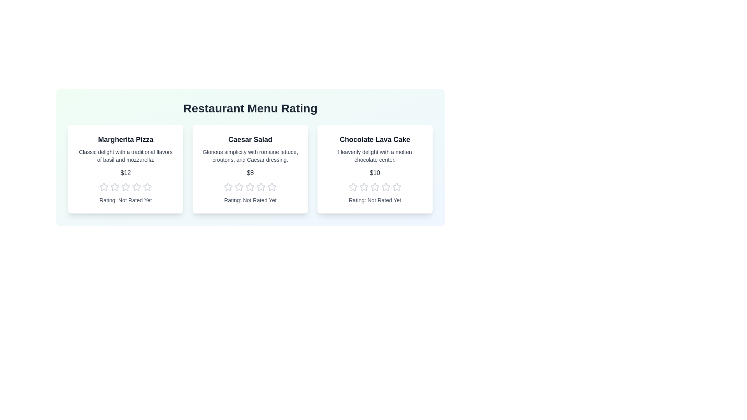 The height and width of the screenshot is (420, 747). Describe the element at coordinates (114, 187) in the screenshot. I see `the star corresponding to the desired rating 2 for the menu item Margherita Pizza` at that location.